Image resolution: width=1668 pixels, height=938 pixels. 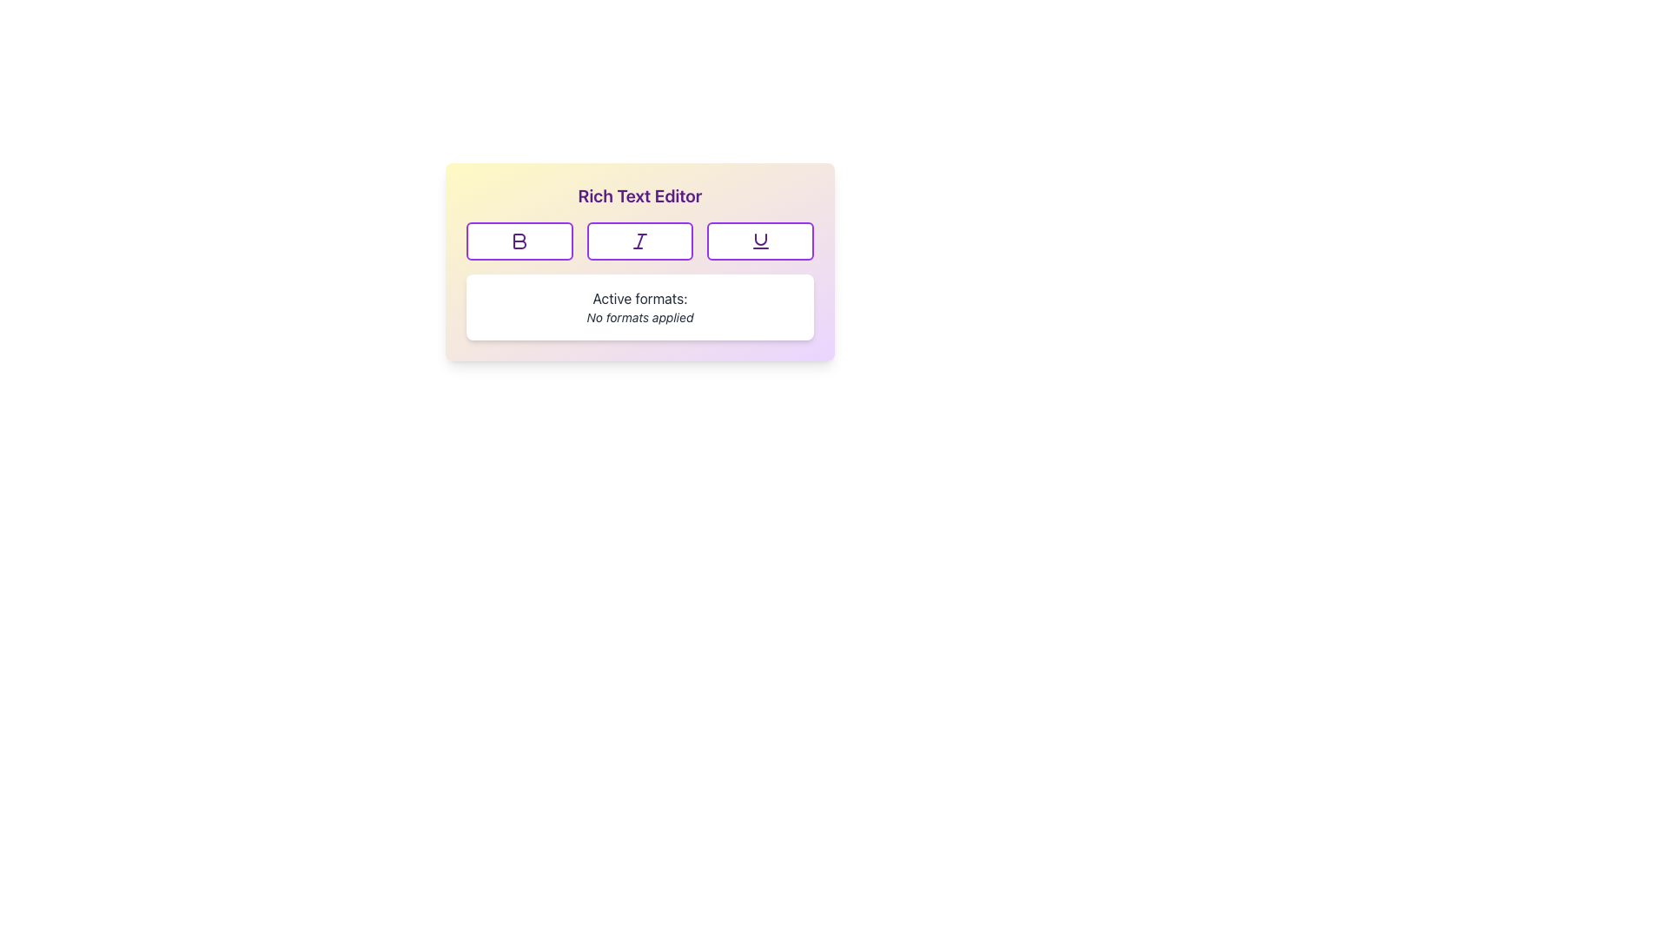 What do you see at coordinates (639, 307) in the screenshot?
I see `displayed text in the Text Display element, which indicates the status of active text formatting options in the text editor, specifically noting that no formatting styles are applied` at bounding box center [639, 307].